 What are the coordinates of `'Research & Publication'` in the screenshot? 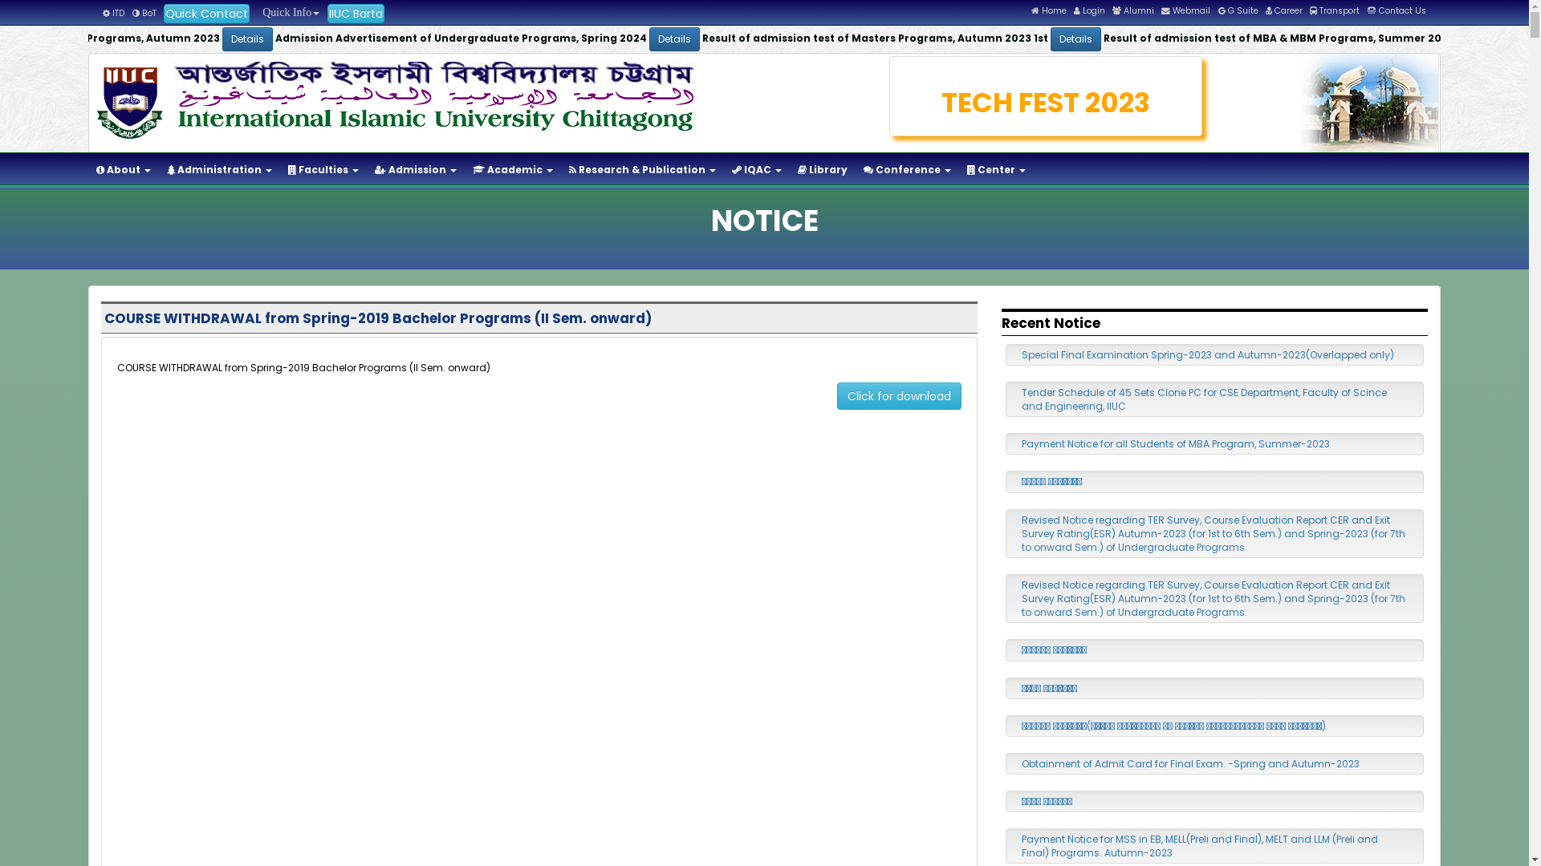 It's located at (642, 170).